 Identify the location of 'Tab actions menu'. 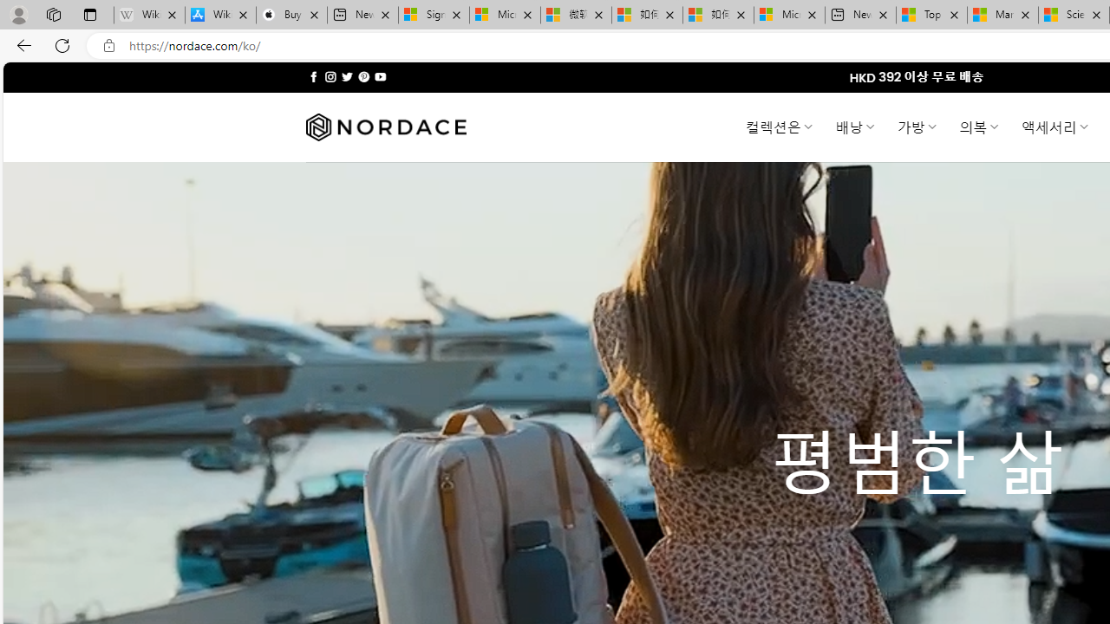
(89, 14).